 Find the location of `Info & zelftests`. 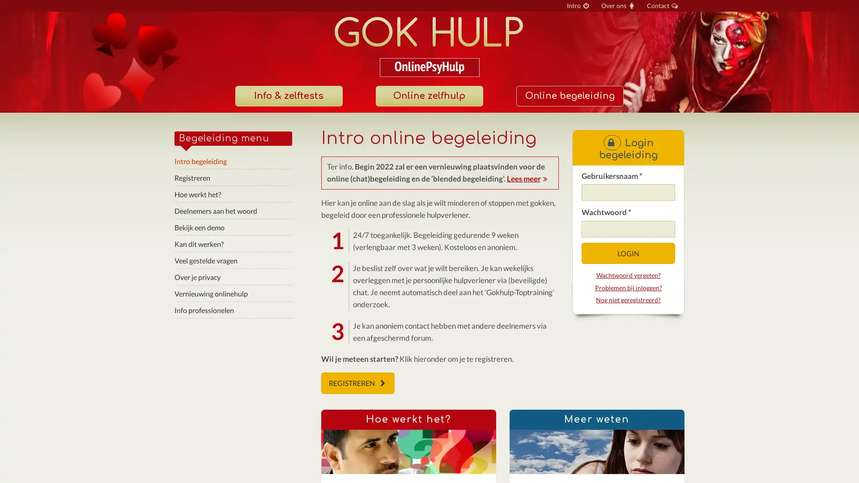

Info & zelftests is located at coordinates (288, 96).